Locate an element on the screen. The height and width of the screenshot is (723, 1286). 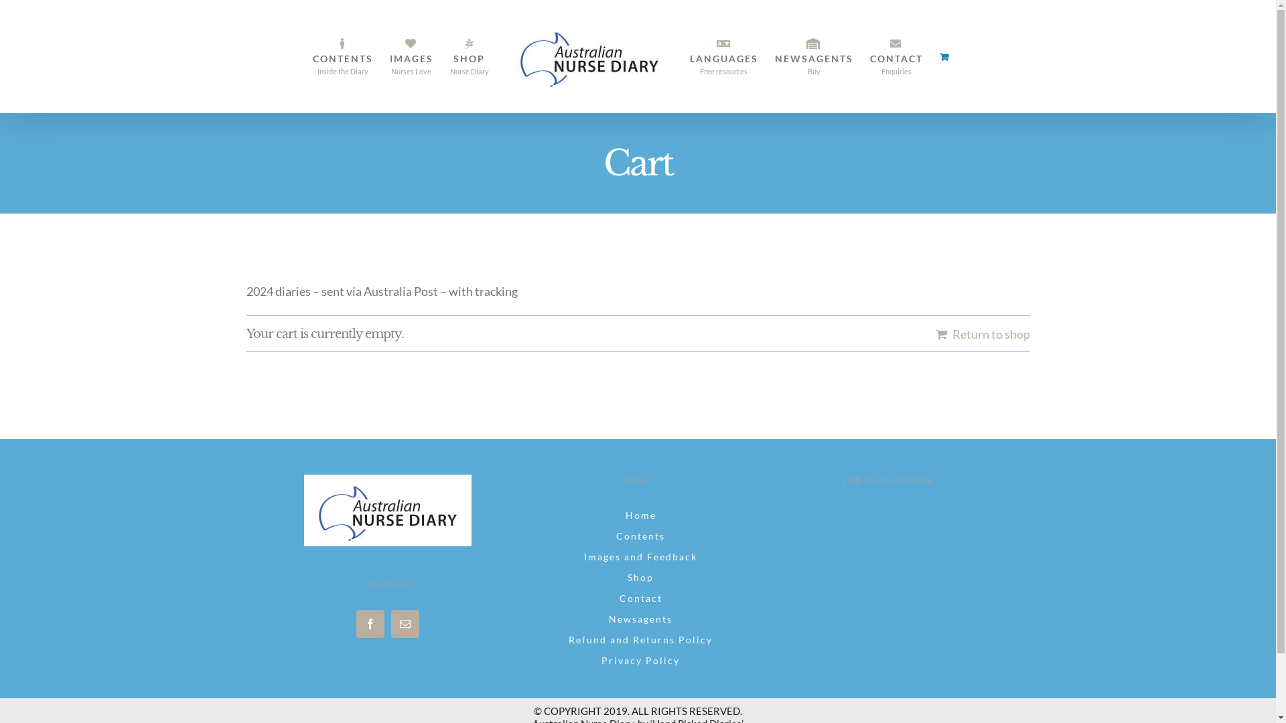
'Newsagents' is located at coordinates (636, 619).